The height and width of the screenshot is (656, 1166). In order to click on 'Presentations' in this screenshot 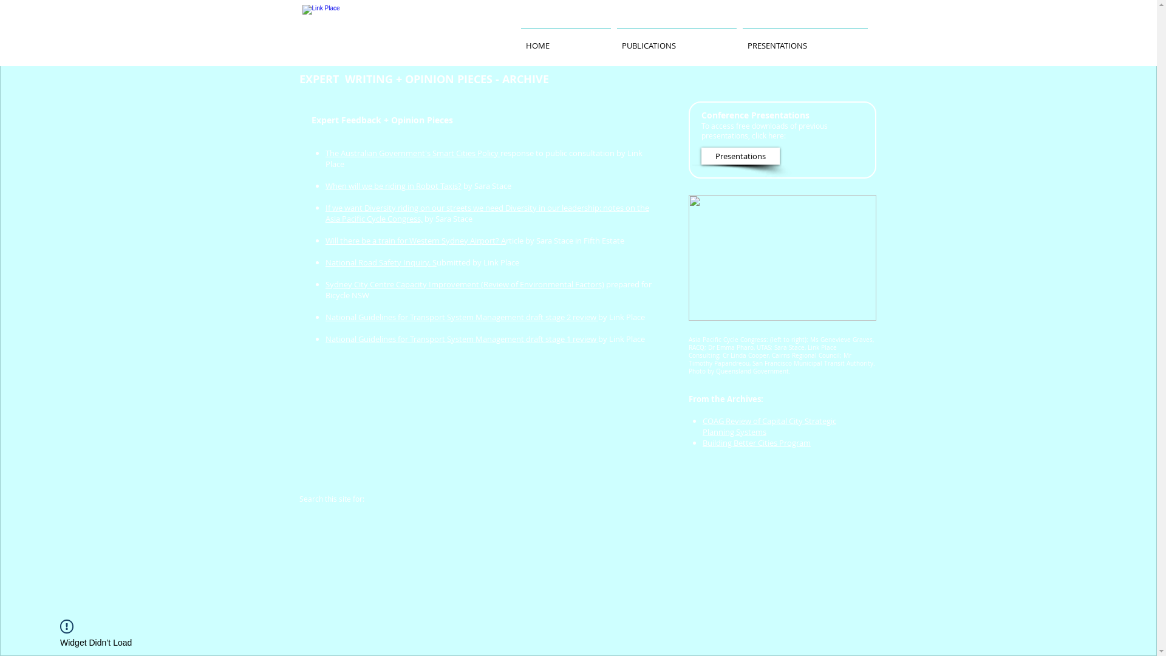, I will do `click(739, 155)`.